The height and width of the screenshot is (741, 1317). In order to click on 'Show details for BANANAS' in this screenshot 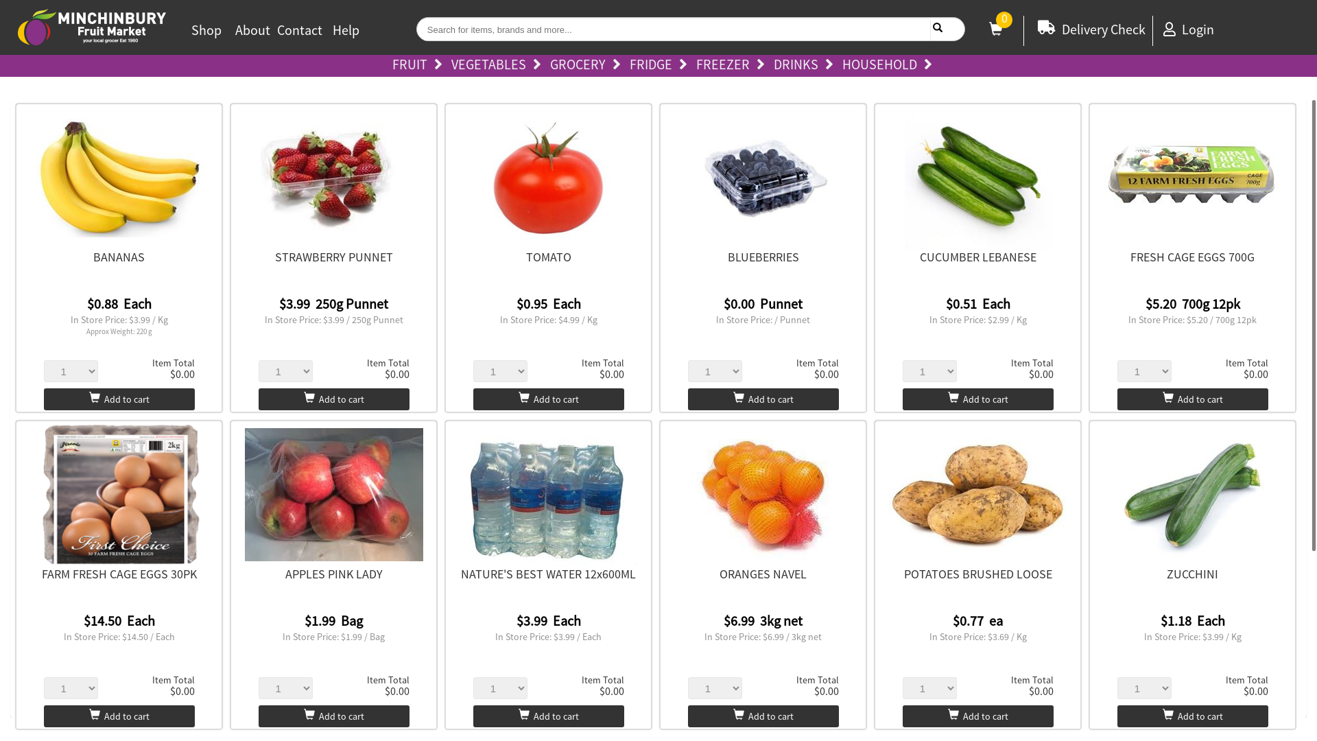, I will do `click(119, 176)`.